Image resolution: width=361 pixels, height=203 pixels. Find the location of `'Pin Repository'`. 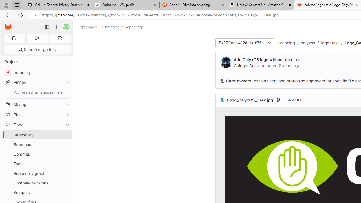

'Pin Repository' is located at coordinates (66, 135).